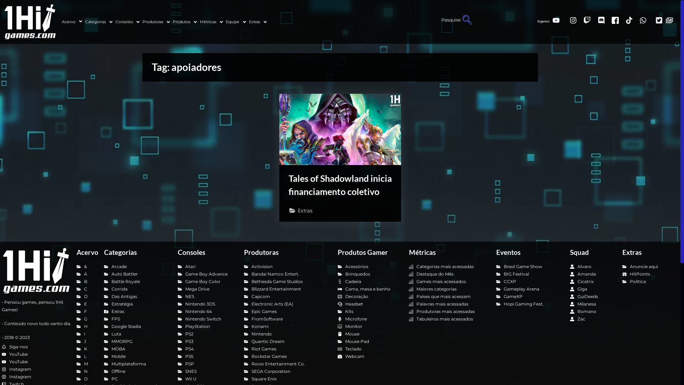 Image resolution: width=684 pixels, height=385 pixels. What do you see at coordinates (207, 281) in the screenshot?
I see `'Game Boy Color'` at bounding box center [207, 281].